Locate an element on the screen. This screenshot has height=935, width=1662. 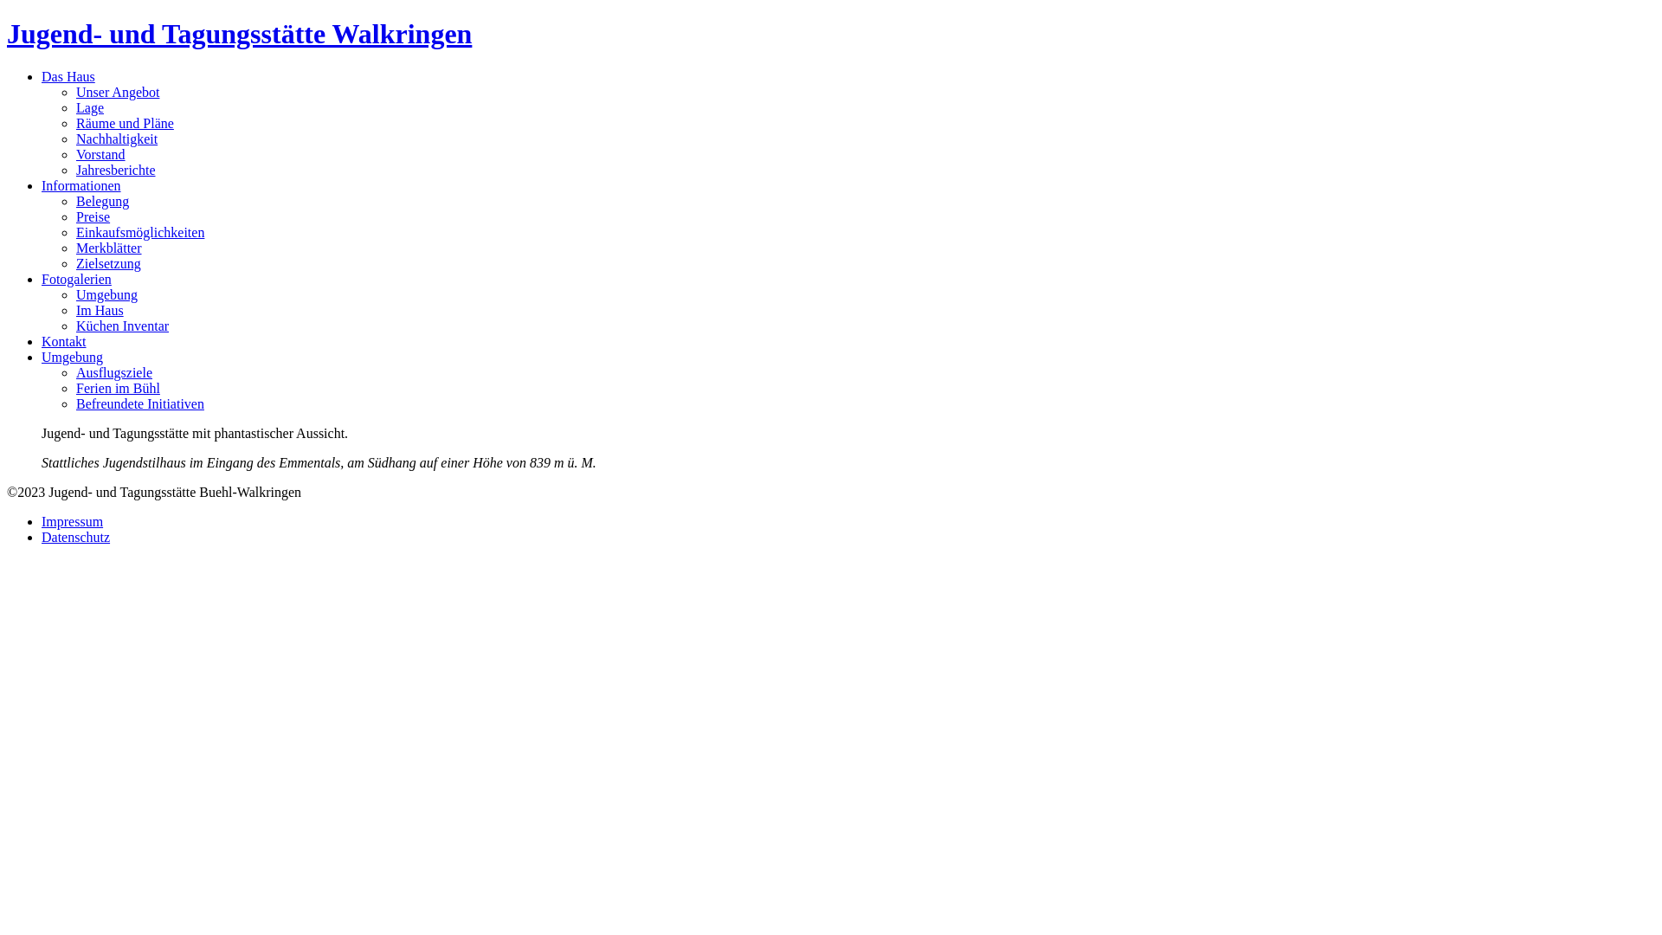
'Jahresberichte' is located at coordinates (115, 170).